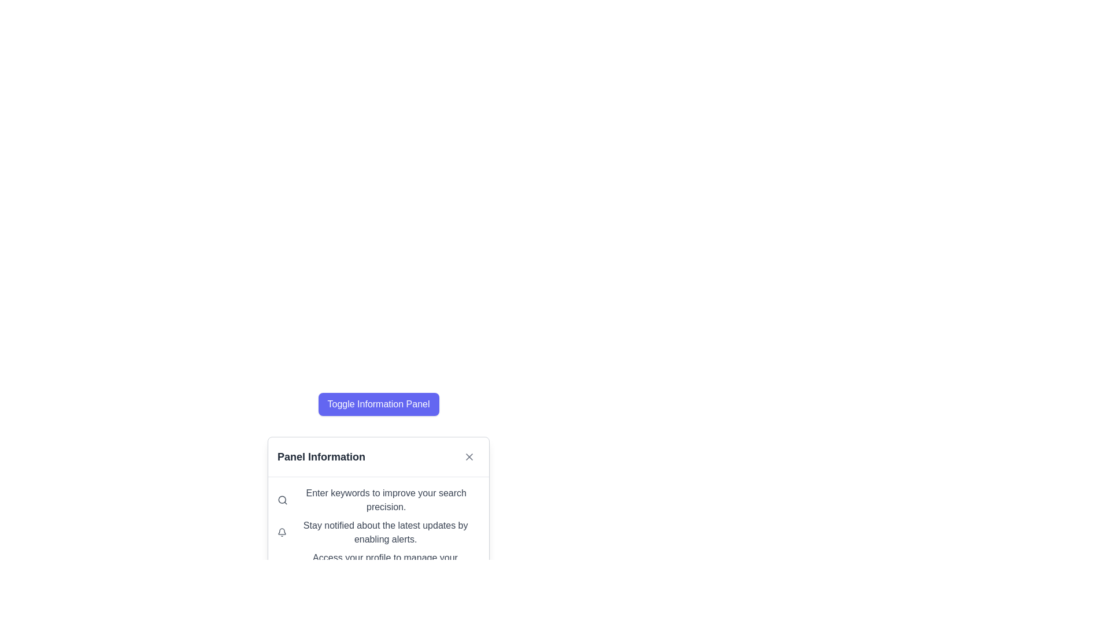 The height and width of the screenshot is (624, 1110). Describe the element at coordinates (321, 456) in the screenshot. I see `the text component displaying 'Panel Information' in bold, dark gray font located at the top-left section of a panel header` at that location.